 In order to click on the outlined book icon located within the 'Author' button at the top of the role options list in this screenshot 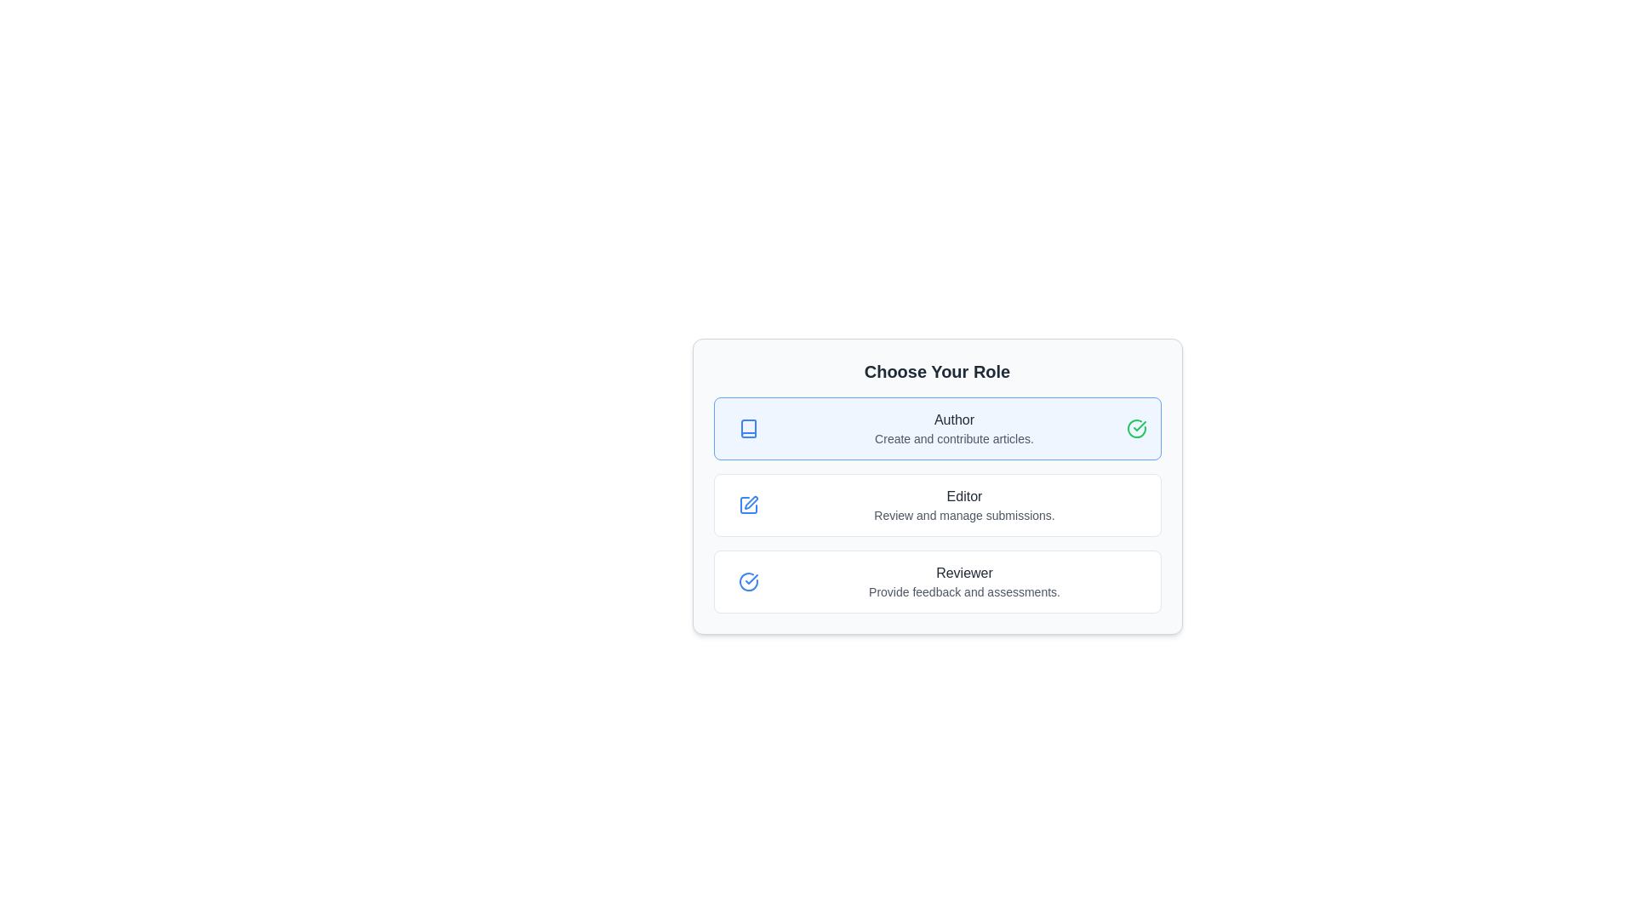, I will do `click(748, 428)`.